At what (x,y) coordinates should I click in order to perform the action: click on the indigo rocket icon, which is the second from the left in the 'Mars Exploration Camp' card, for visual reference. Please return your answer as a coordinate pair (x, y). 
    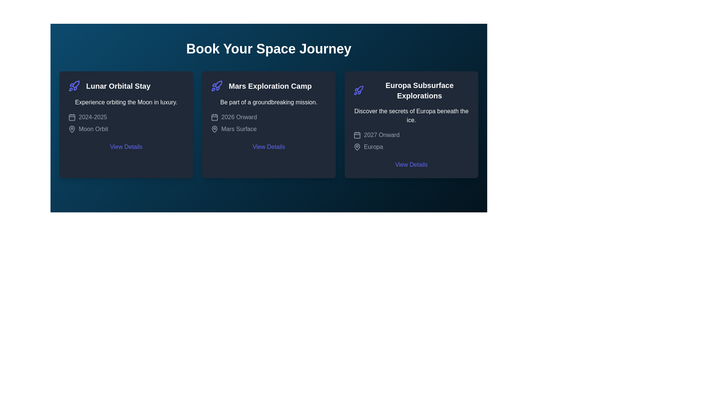
    Looking at the image, I should click on (218, 84).